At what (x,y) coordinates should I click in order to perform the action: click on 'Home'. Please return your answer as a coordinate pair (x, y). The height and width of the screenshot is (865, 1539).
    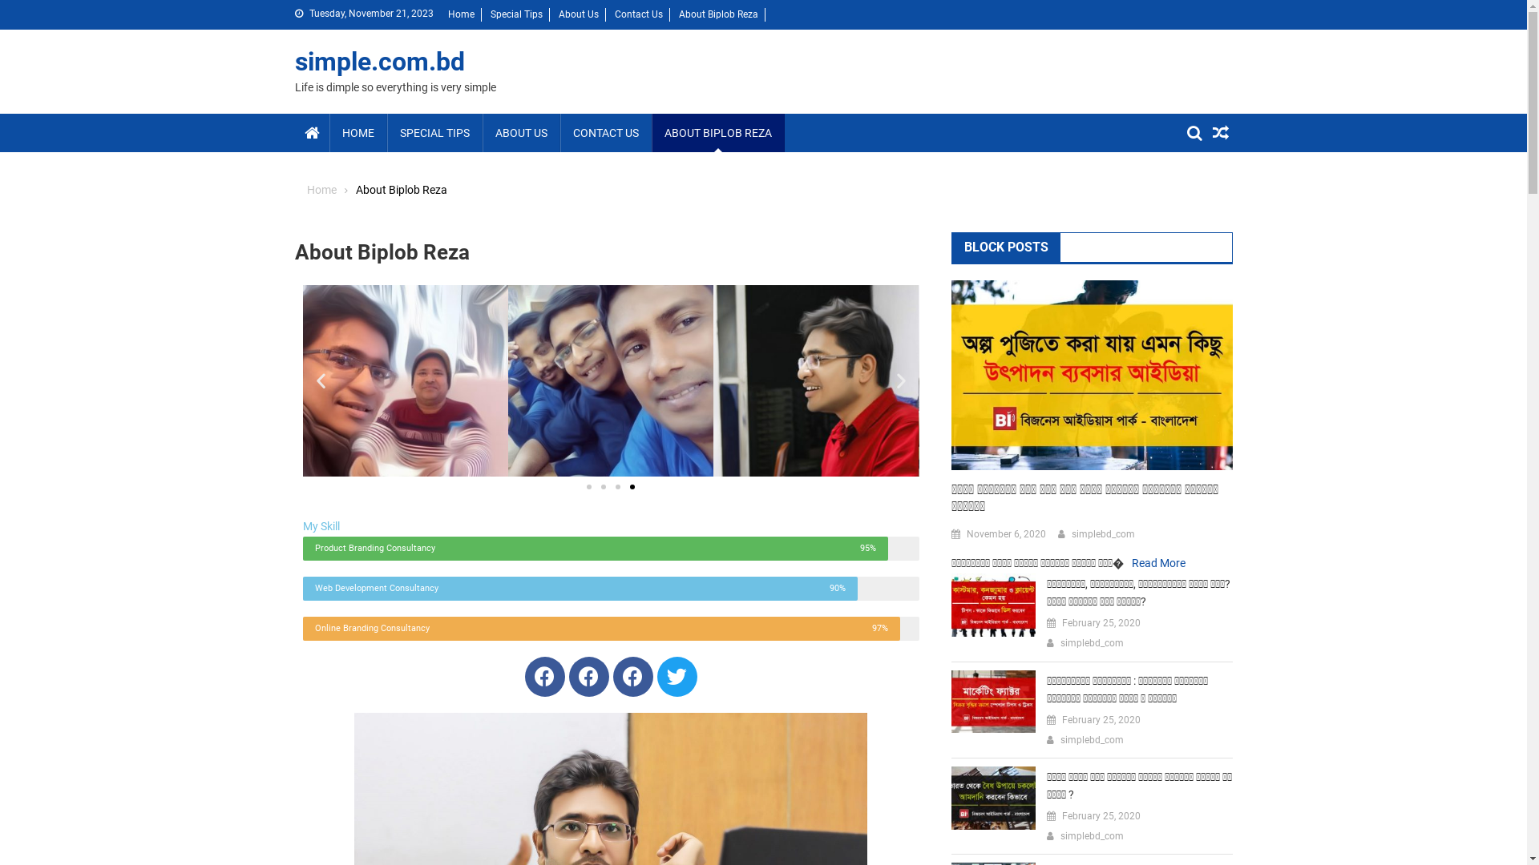
    Looking at the image, I should click on (459, 14).